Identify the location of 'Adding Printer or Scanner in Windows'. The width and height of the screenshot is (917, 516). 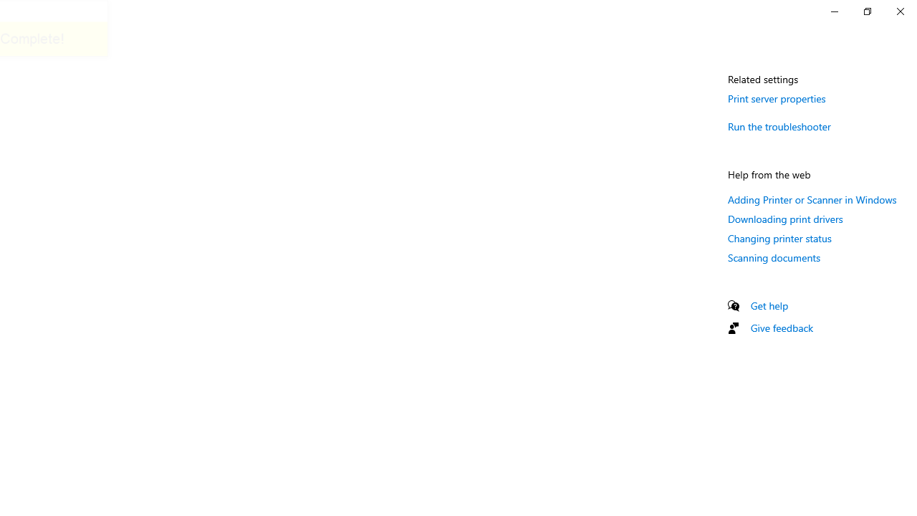
(812, 199).